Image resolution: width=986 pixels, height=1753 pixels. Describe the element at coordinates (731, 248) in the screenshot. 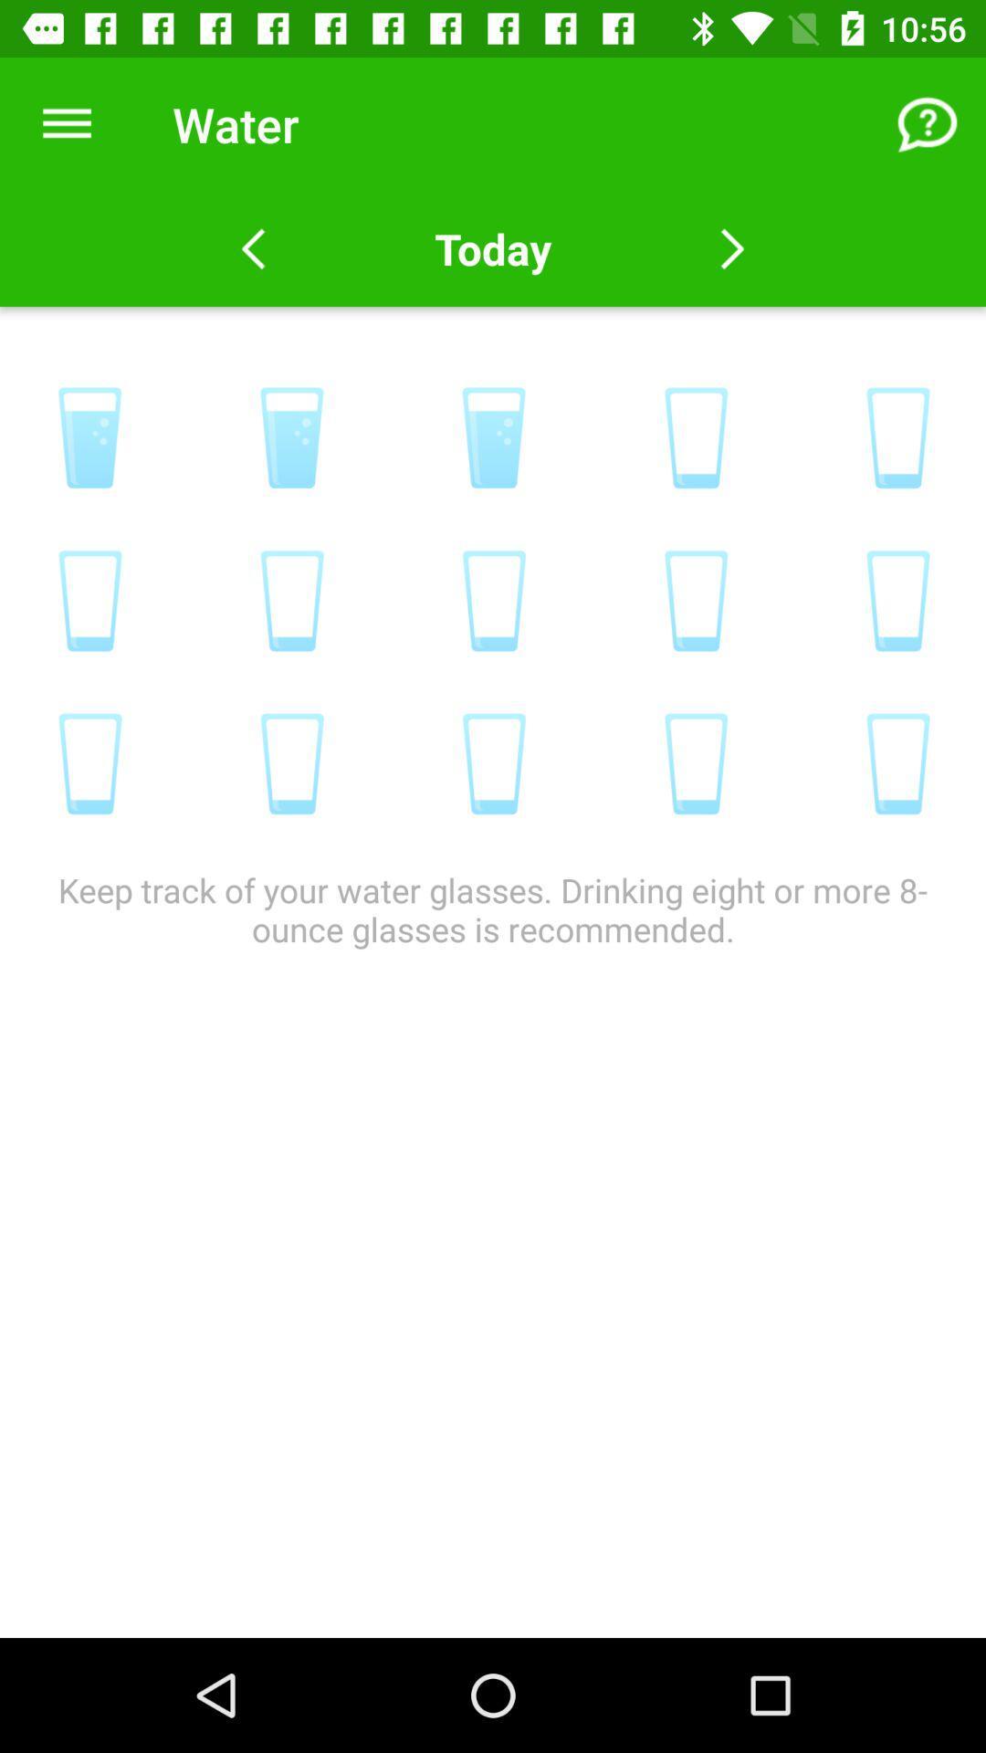

I see `go next` at that location.